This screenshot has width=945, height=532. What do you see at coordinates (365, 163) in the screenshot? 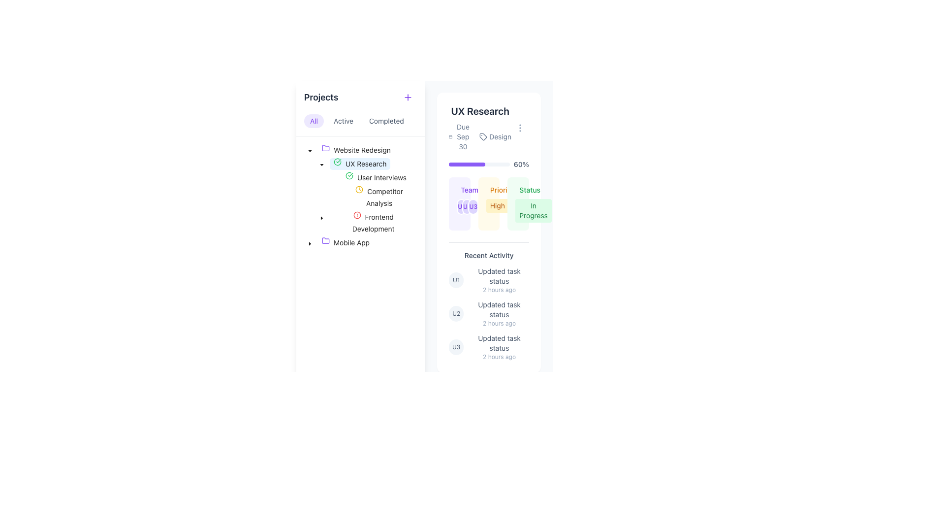
I see `the 'UX Research' text label in the project navigation tree` at bounding box center [365, 163].